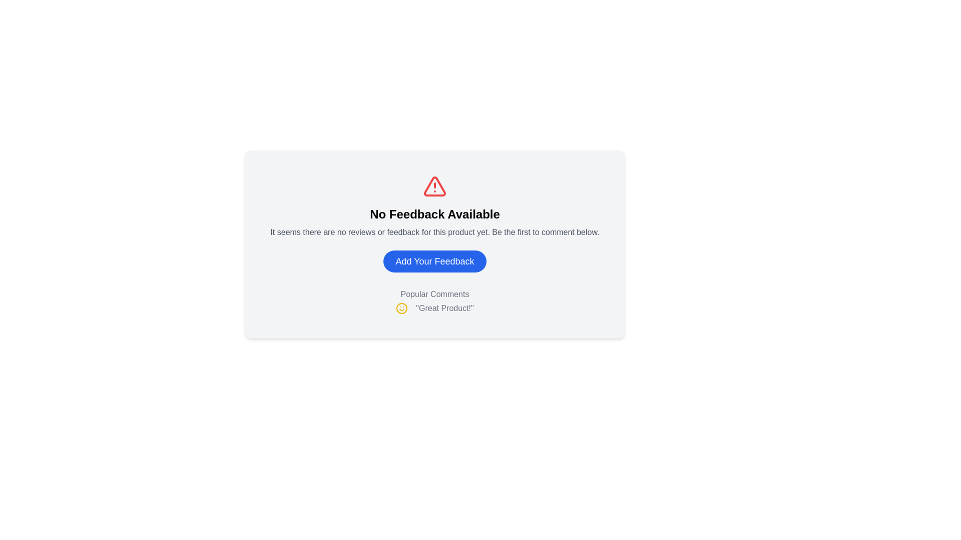  What do you see at coordinates (434, 213) in the screenshot?
I see `message displayed in the bold heading text 'No Feedback Available', which is located at the center of the modal box` at bounding box center [434, 213].